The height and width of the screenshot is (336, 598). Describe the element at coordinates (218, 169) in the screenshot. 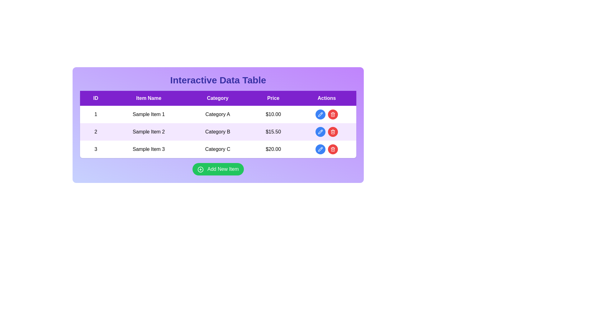

I see `the 'Add New Item' button with a green background and white text` at that location.